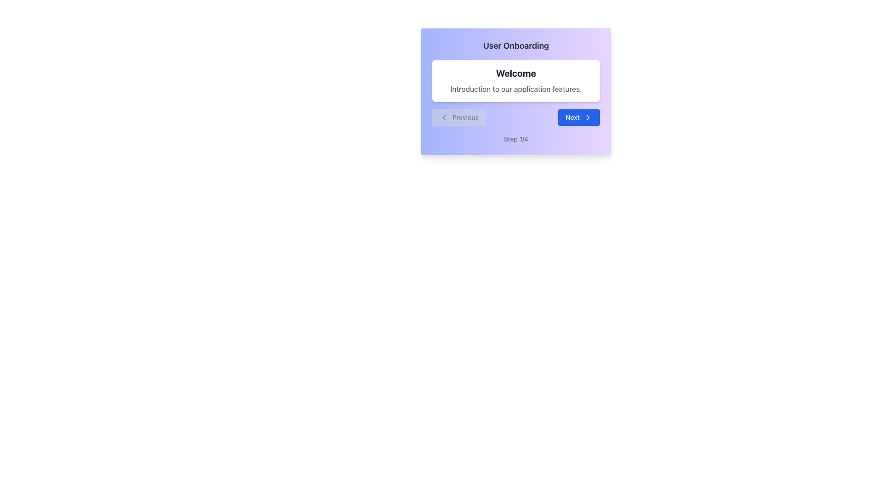 The image size is (882, 496). What do you see at coordinates (588, 117) in the screenshot?
I see `the rightward chevron icon within the 'Next' button to proceed` at bounding box center [588, 117].